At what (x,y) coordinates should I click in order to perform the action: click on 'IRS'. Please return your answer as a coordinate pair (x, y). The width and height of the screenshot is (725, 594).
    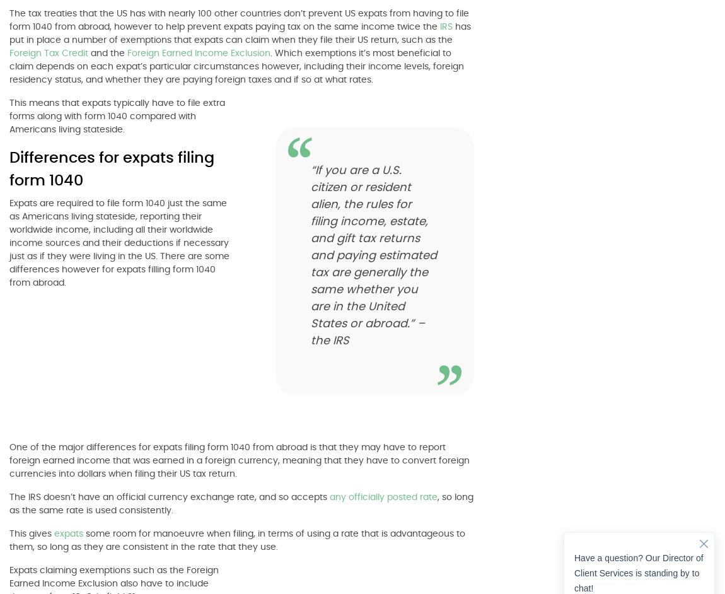
    Looking at the image, I should click on (447, 26).